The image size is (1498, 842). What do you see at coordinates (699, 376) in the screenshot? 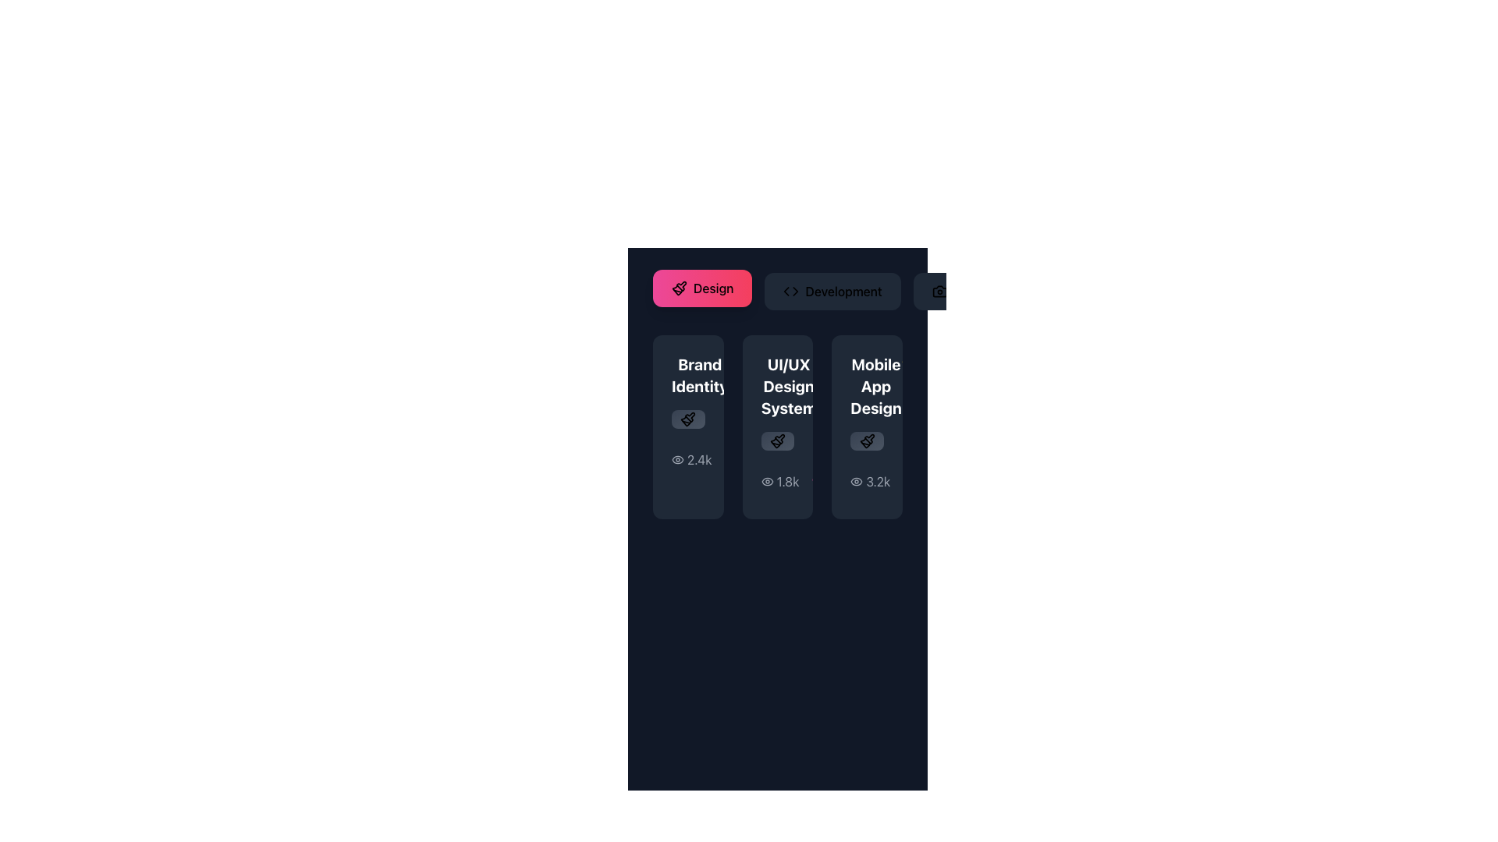
I see `the static text label positioned at the top of the rectangular card component on the leftmost side of the horizontally-aligned group of cards` at bounding box center [699, 376].